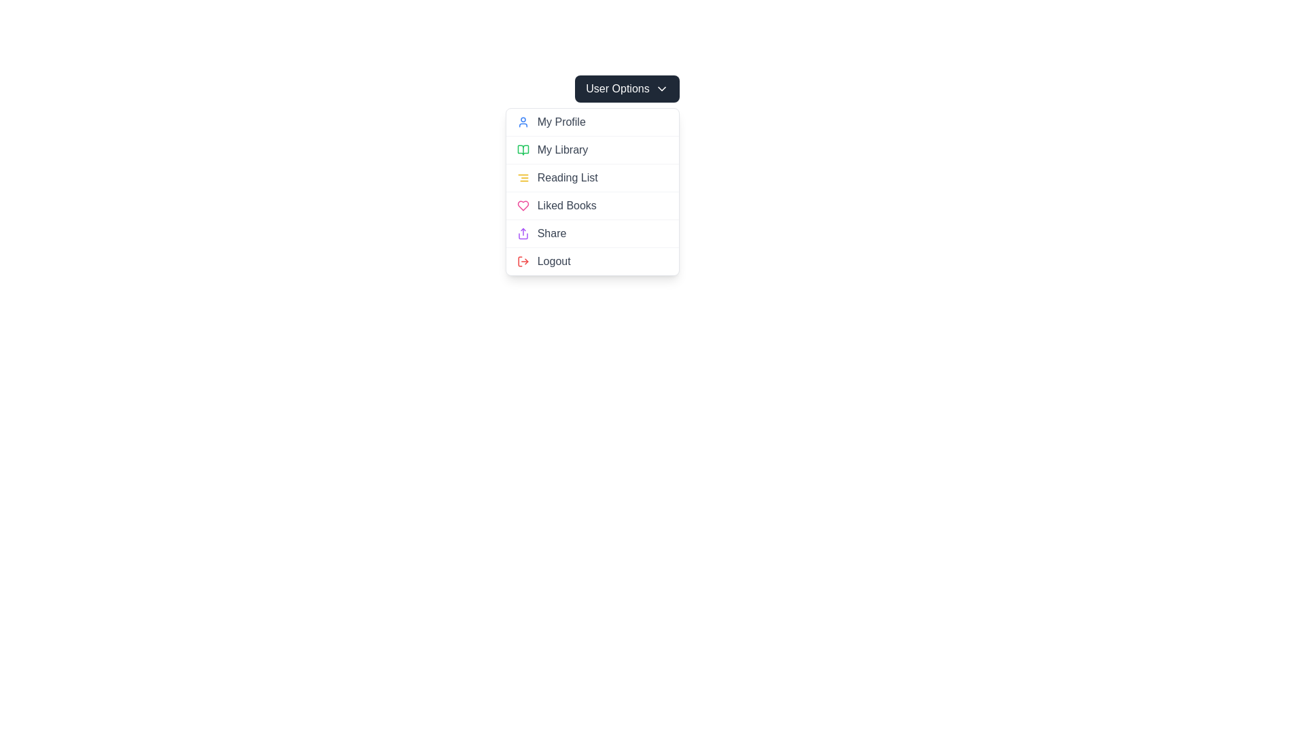 The height and width of the screenshot is (734, 1305). Describe the element at coordinates (554, 262) in the screenshot. I see `the 'Logout' text label in the dropdown menu` at that location.